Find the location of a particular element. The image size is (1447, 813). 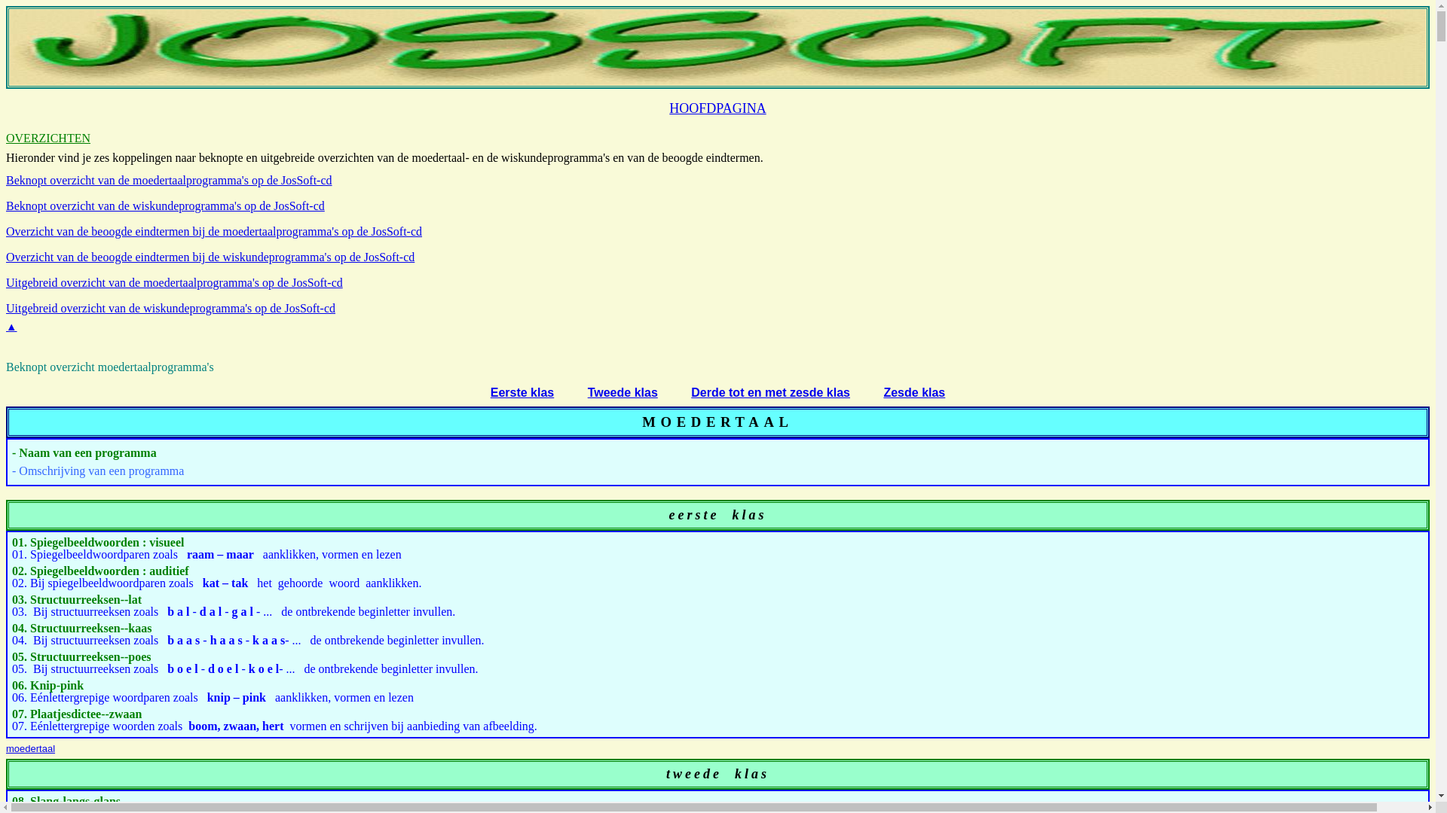

'Derde tot en met zesde klas' is located at coordinates (770, 391).